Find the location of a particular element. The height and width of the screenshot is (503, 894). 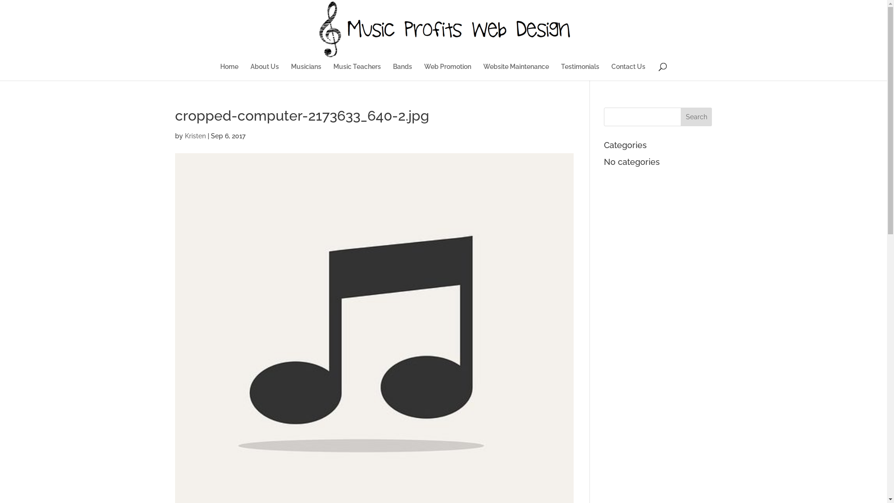

'Musicians' is located at coordinates (290, 71).